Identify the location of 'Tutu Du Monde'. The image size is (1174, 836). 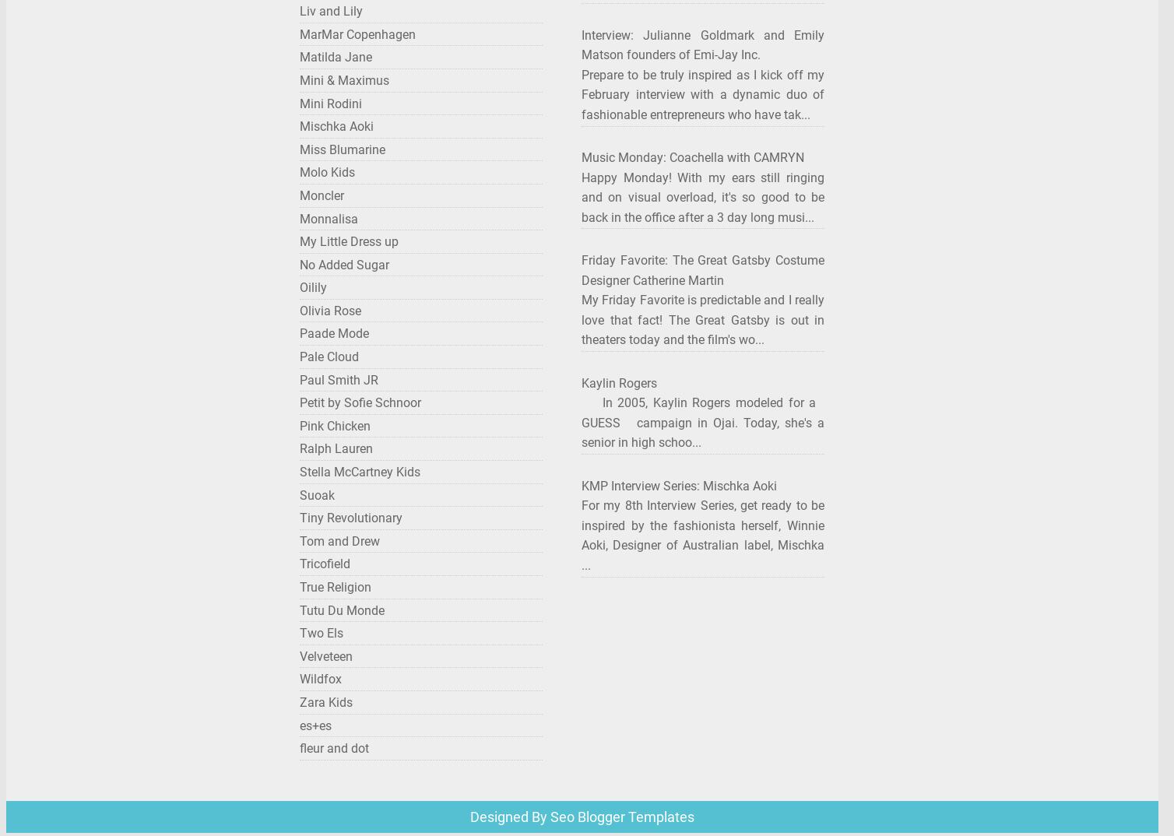
(342, 609).